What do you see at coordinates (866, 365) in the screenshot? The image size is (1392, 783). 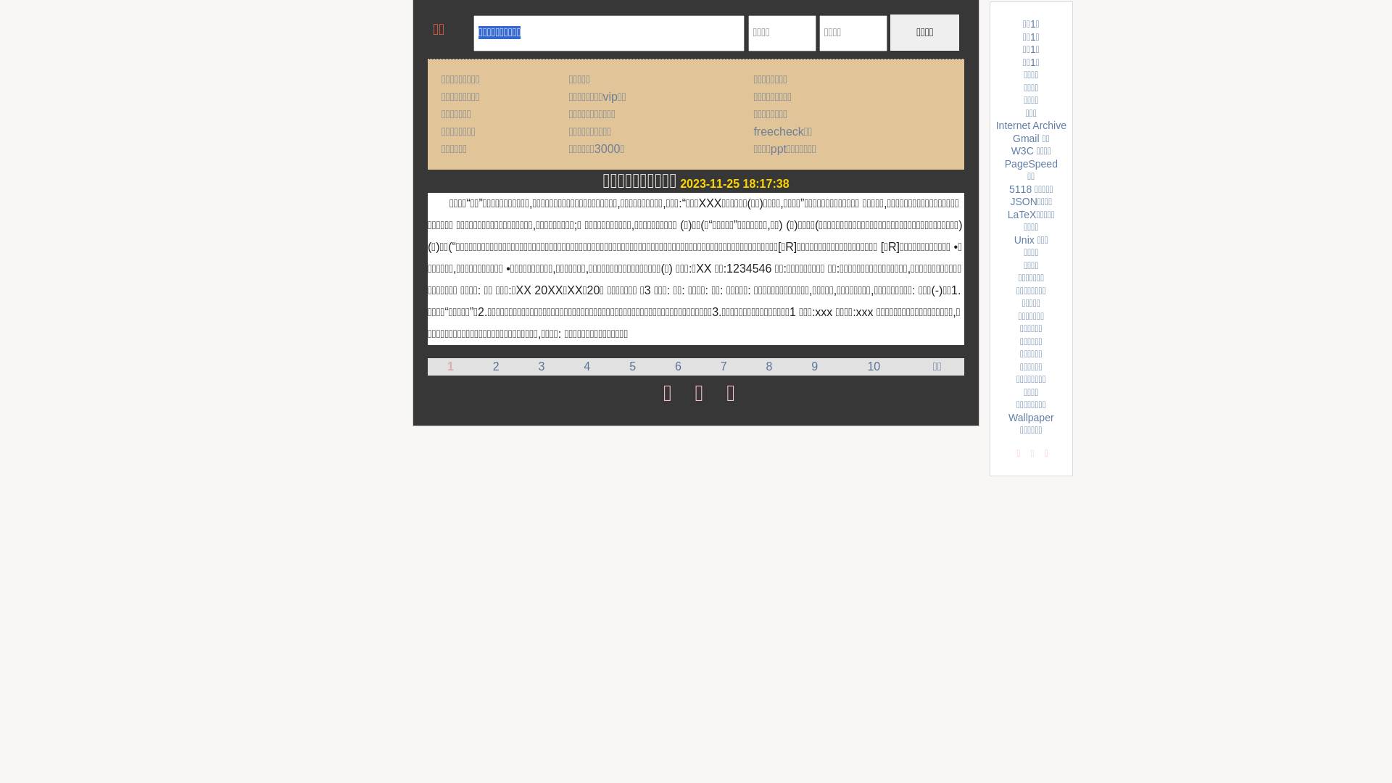 I see `'10'` at bounding box center [866, 365].